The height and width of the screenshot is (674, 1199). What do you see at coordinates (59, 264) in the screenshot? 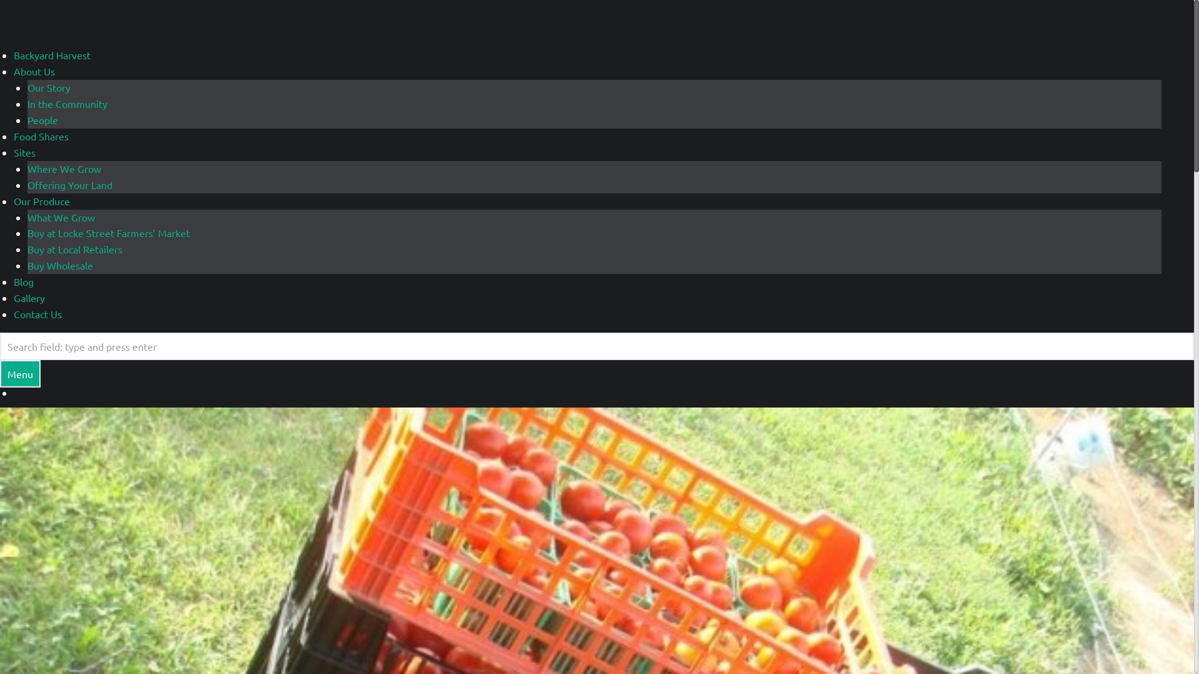
I see `'Buy Wholesale'` at bounding box center [59, 264].